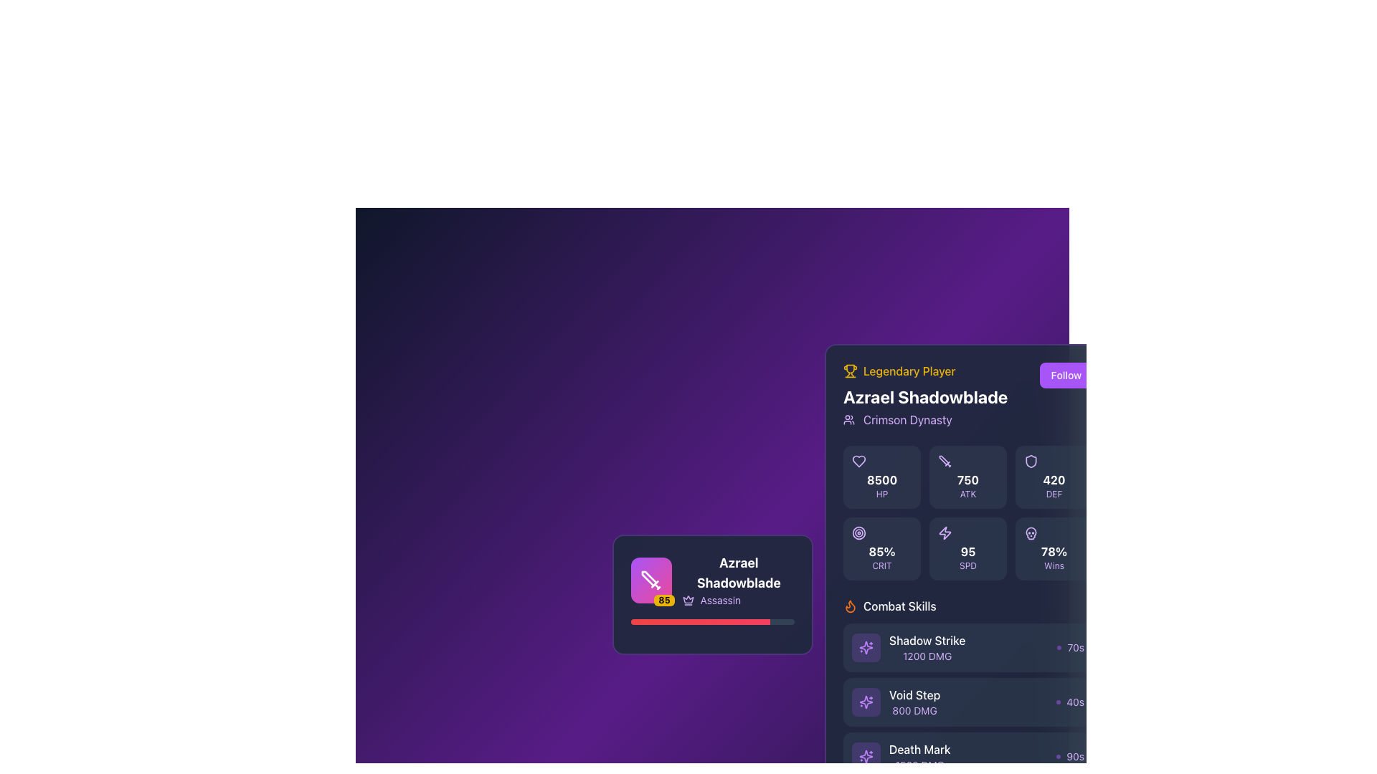 This screenshot has height=774, width=1377. I want to click on the shield icon on the Stat card displaying the 'DEF' metric of 420, which is the third card in the top row of three horizontally aligned cards, so click(1054, 477).